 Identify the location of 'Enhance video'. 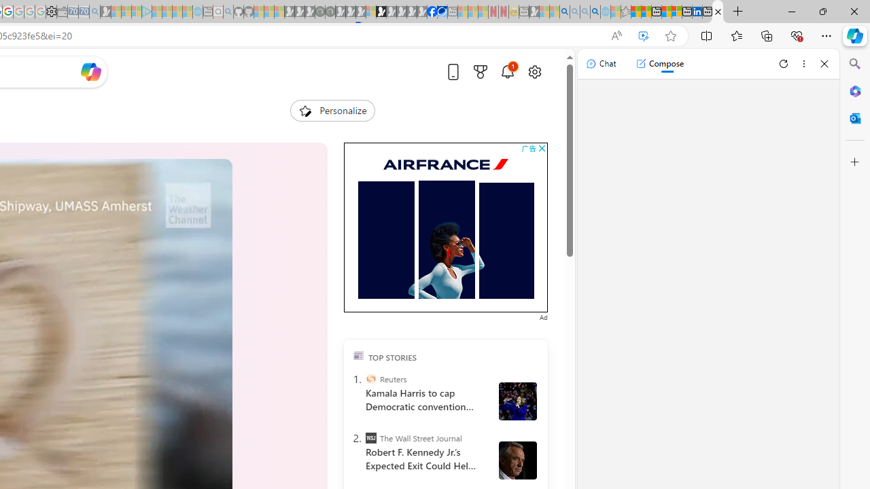
(642, 35).